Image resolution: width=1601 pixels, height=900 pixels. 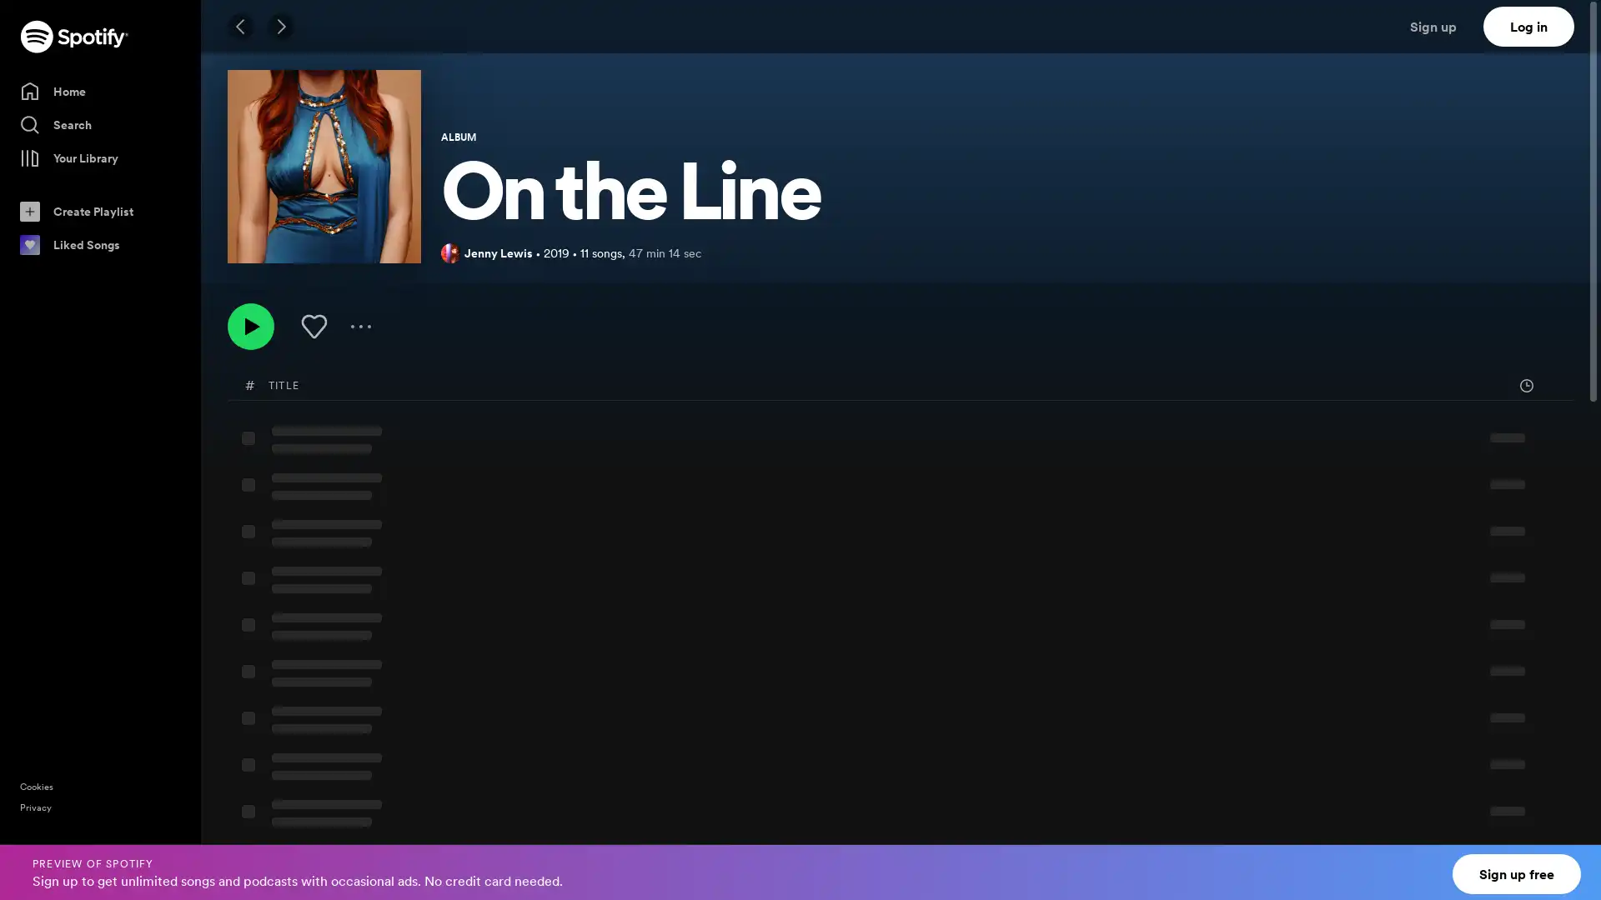 What do you see at coordinates (248, 811) in the screenshot?
I see `Play Taffy by Jenny Lewis` at bounding box center [248, 811].